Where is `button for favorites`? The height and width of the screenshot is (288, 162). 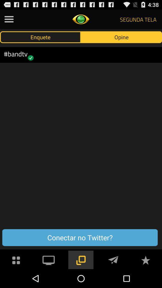
button for favorites is located at coordinates (145, 259).